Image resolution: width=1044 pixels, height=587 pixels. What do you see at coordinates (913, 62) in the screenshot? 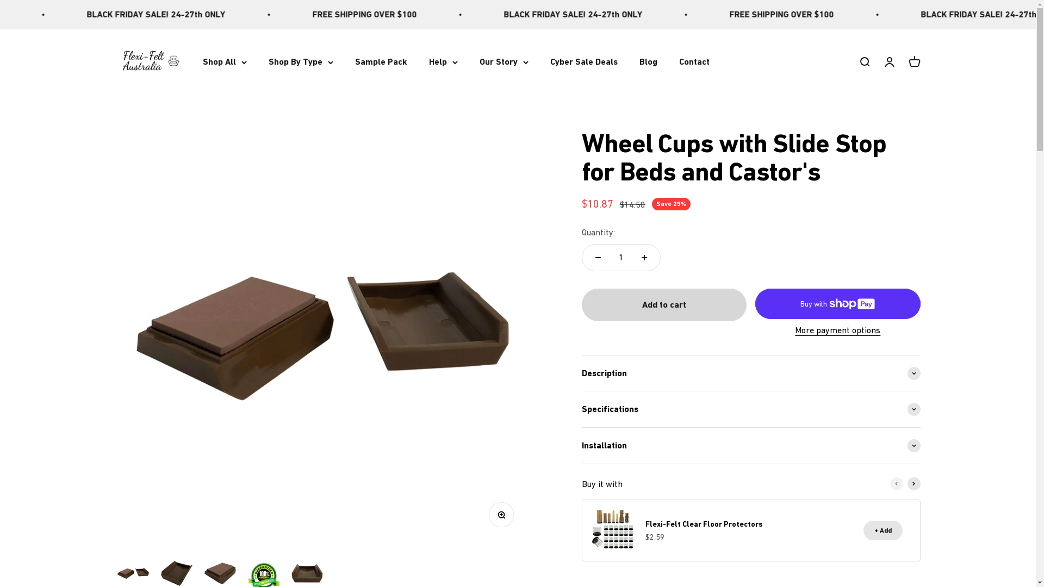
I see `'Open cart` at bounding box center [913, 62].